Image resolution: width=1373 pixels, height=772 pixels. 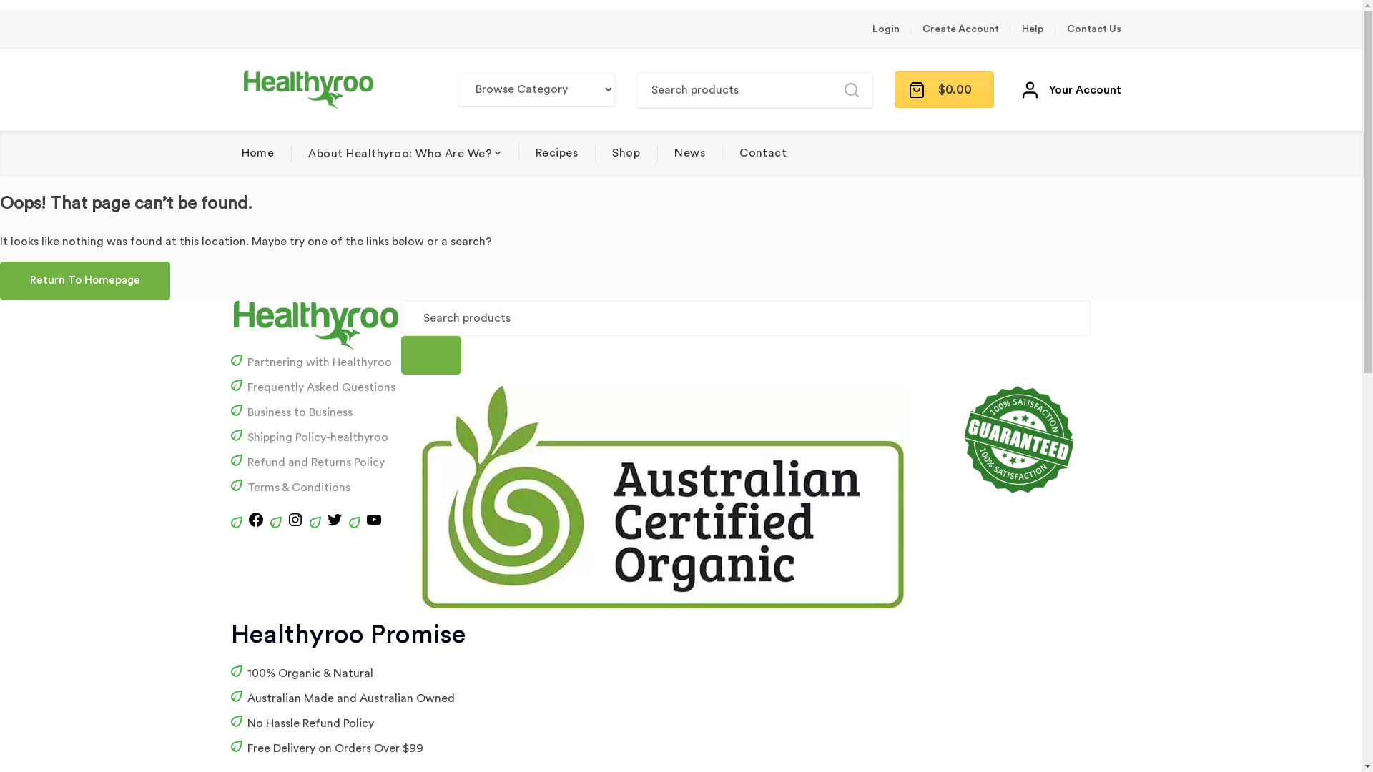 I want to click on 'Contact', so click(x=762, y=152).